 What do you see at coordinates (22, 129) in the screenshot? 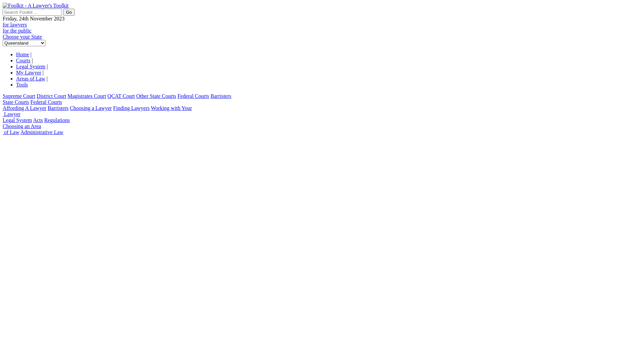
I see `'Choosing an Area` at bounding box center [22, 129].